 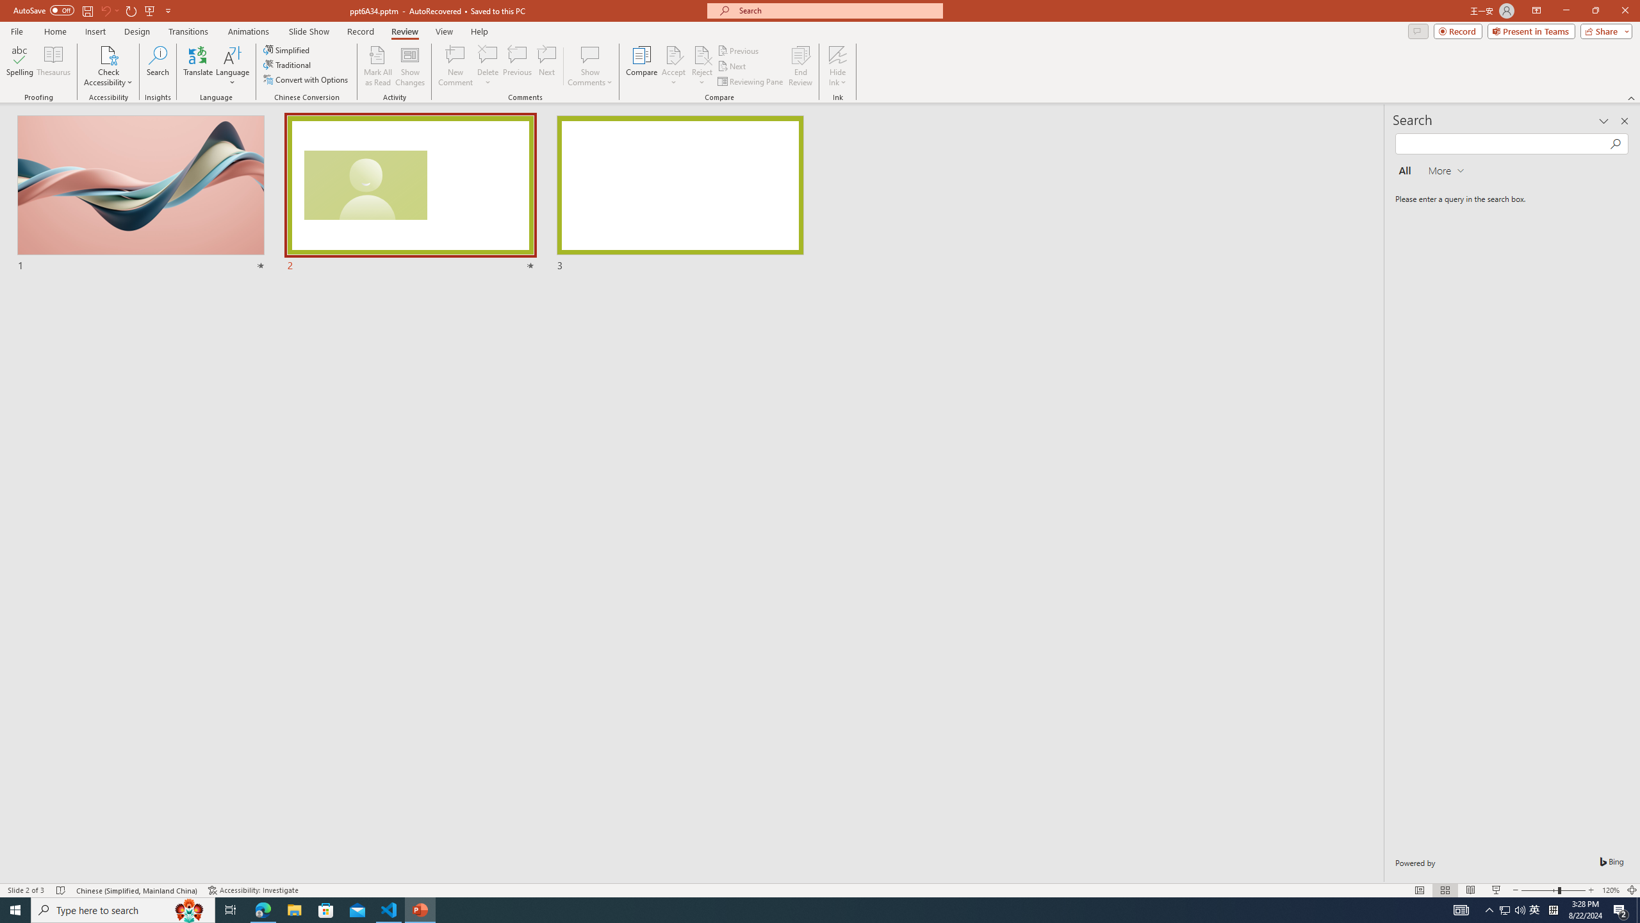 I want to click on 'Compare', so click(x=642, y=66).